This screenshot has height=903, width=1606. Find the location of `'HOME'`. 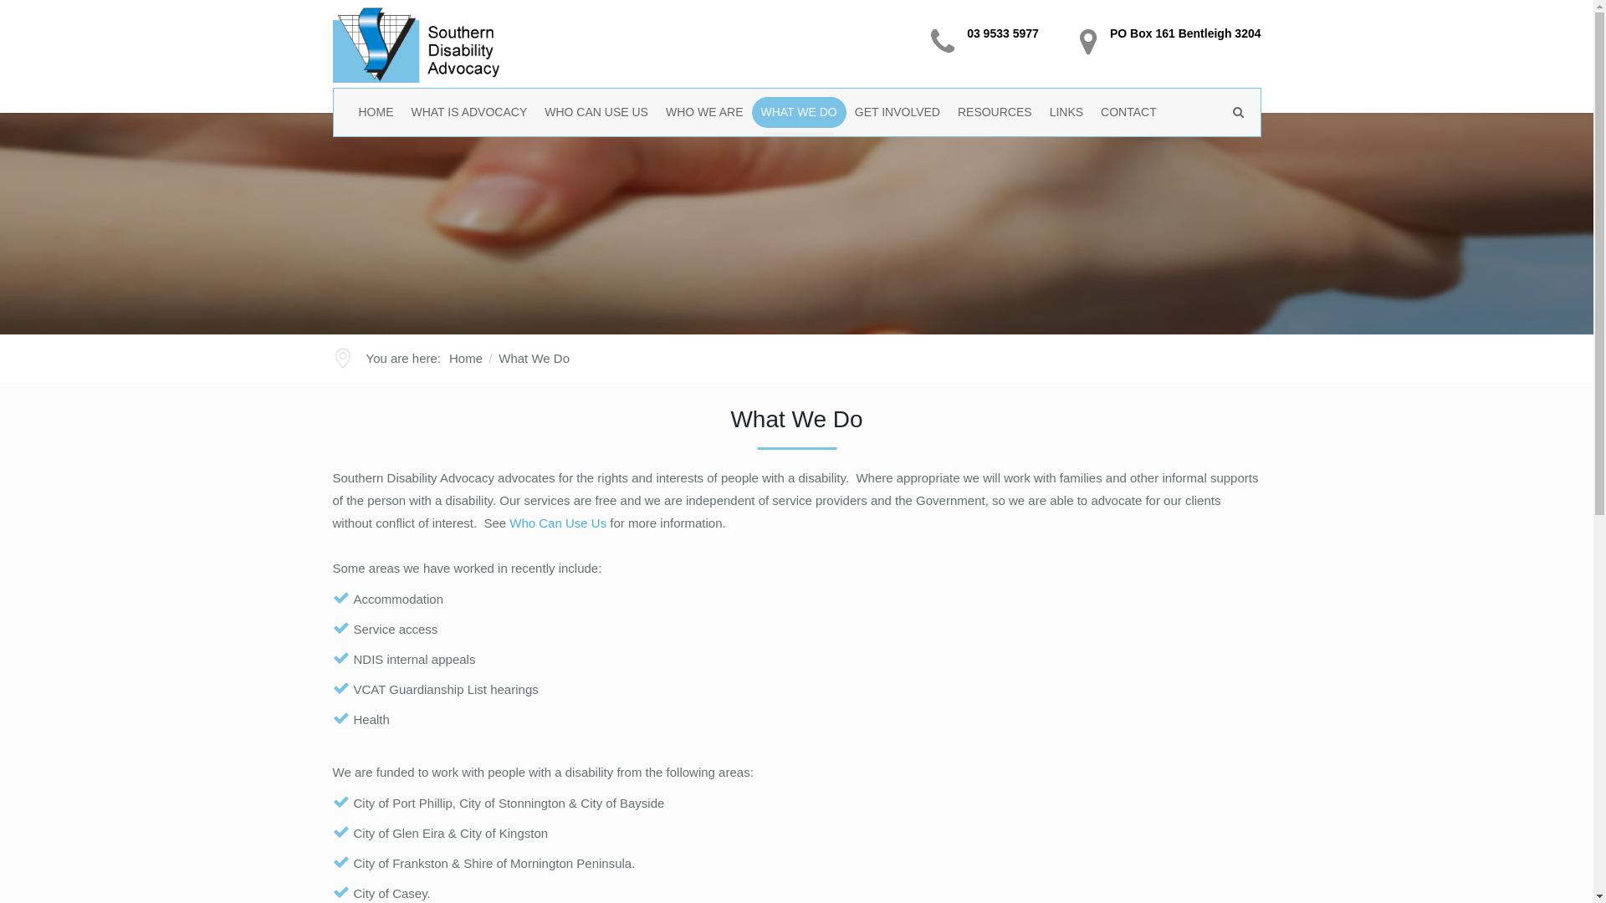

'HOME' is located at coordinates (375, 112).